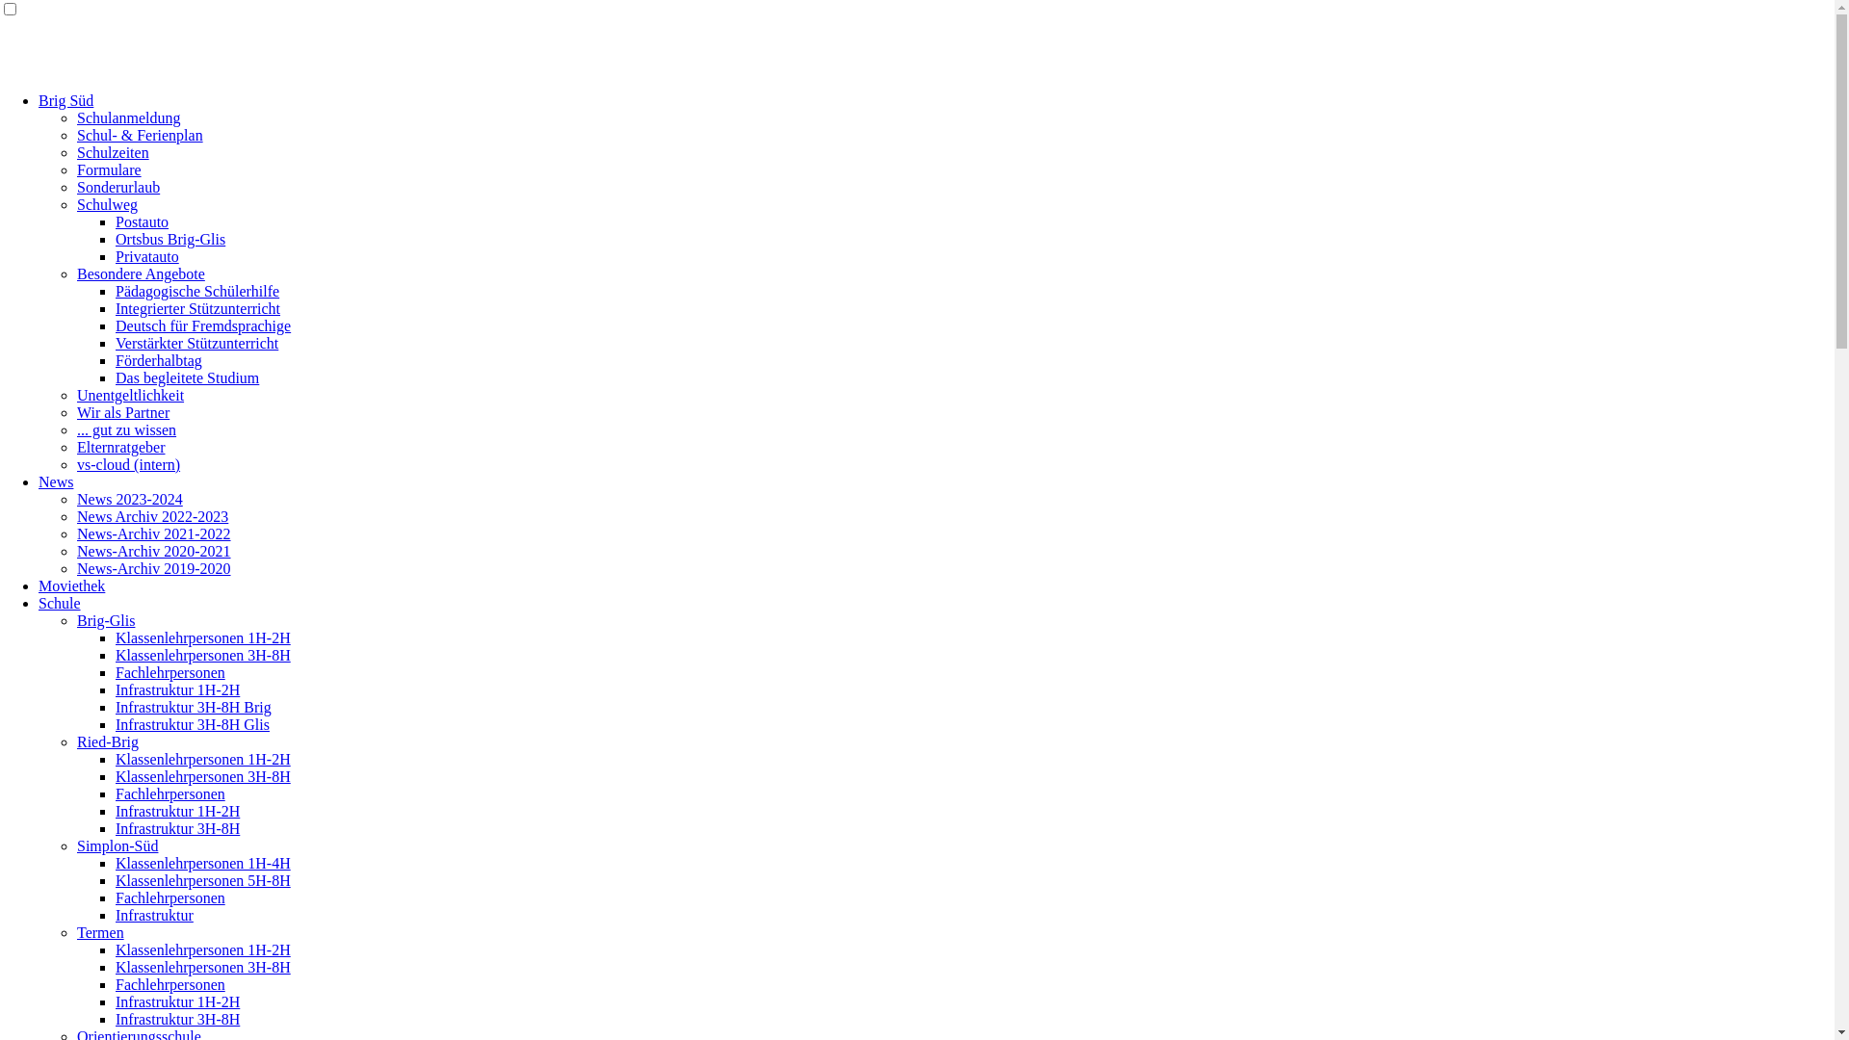 This screenshot has height=1040, width=1849. I want to click on 'Schulzeiten', so click(112, 151).